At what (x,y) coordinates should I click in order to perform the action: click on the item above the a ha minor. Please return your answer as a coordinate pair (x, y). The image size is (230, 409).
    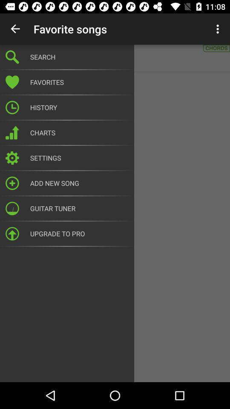
    Looking at the image, I should click on (15, 29).